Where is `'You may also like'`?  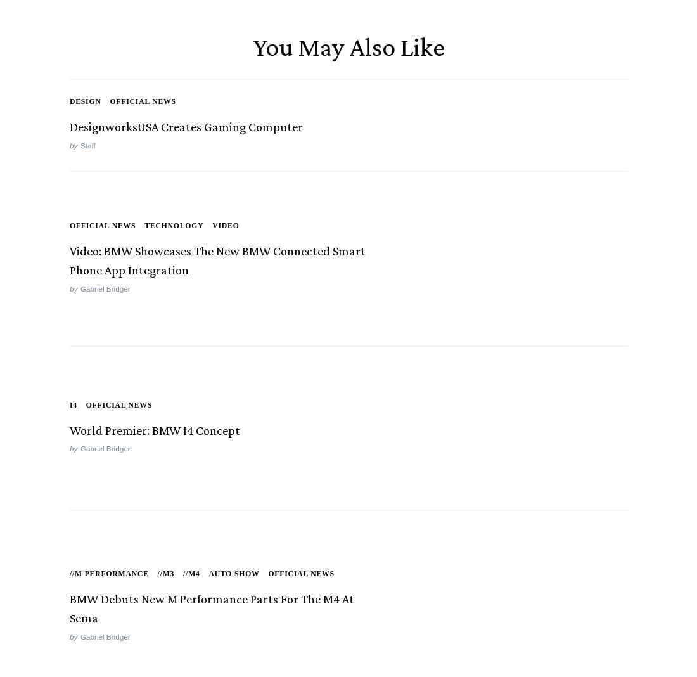 'You may also like' is located at coordinates (348, 48).